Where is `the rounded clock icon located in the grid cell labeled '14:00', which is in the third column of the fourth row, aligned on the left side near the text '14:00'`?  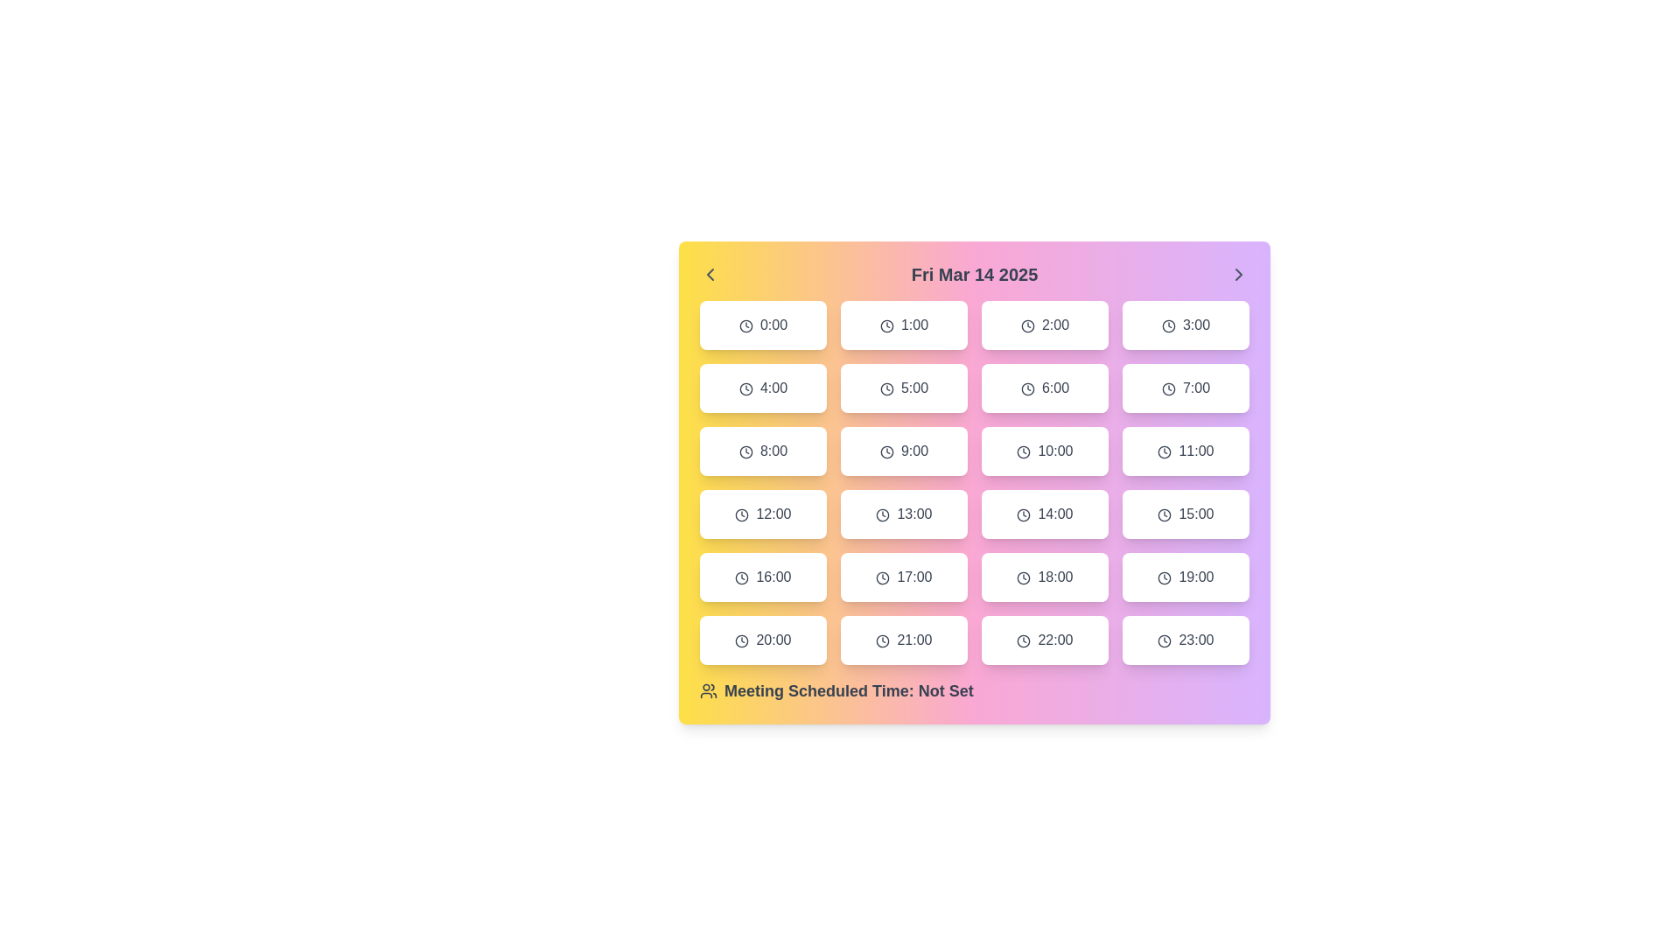 the rounded clock icon located in the grid cell labeled '14:00', which is in the third column of the fourth row, aligned on the left side near the text '14:00' is located at coordinates (1024, 514).